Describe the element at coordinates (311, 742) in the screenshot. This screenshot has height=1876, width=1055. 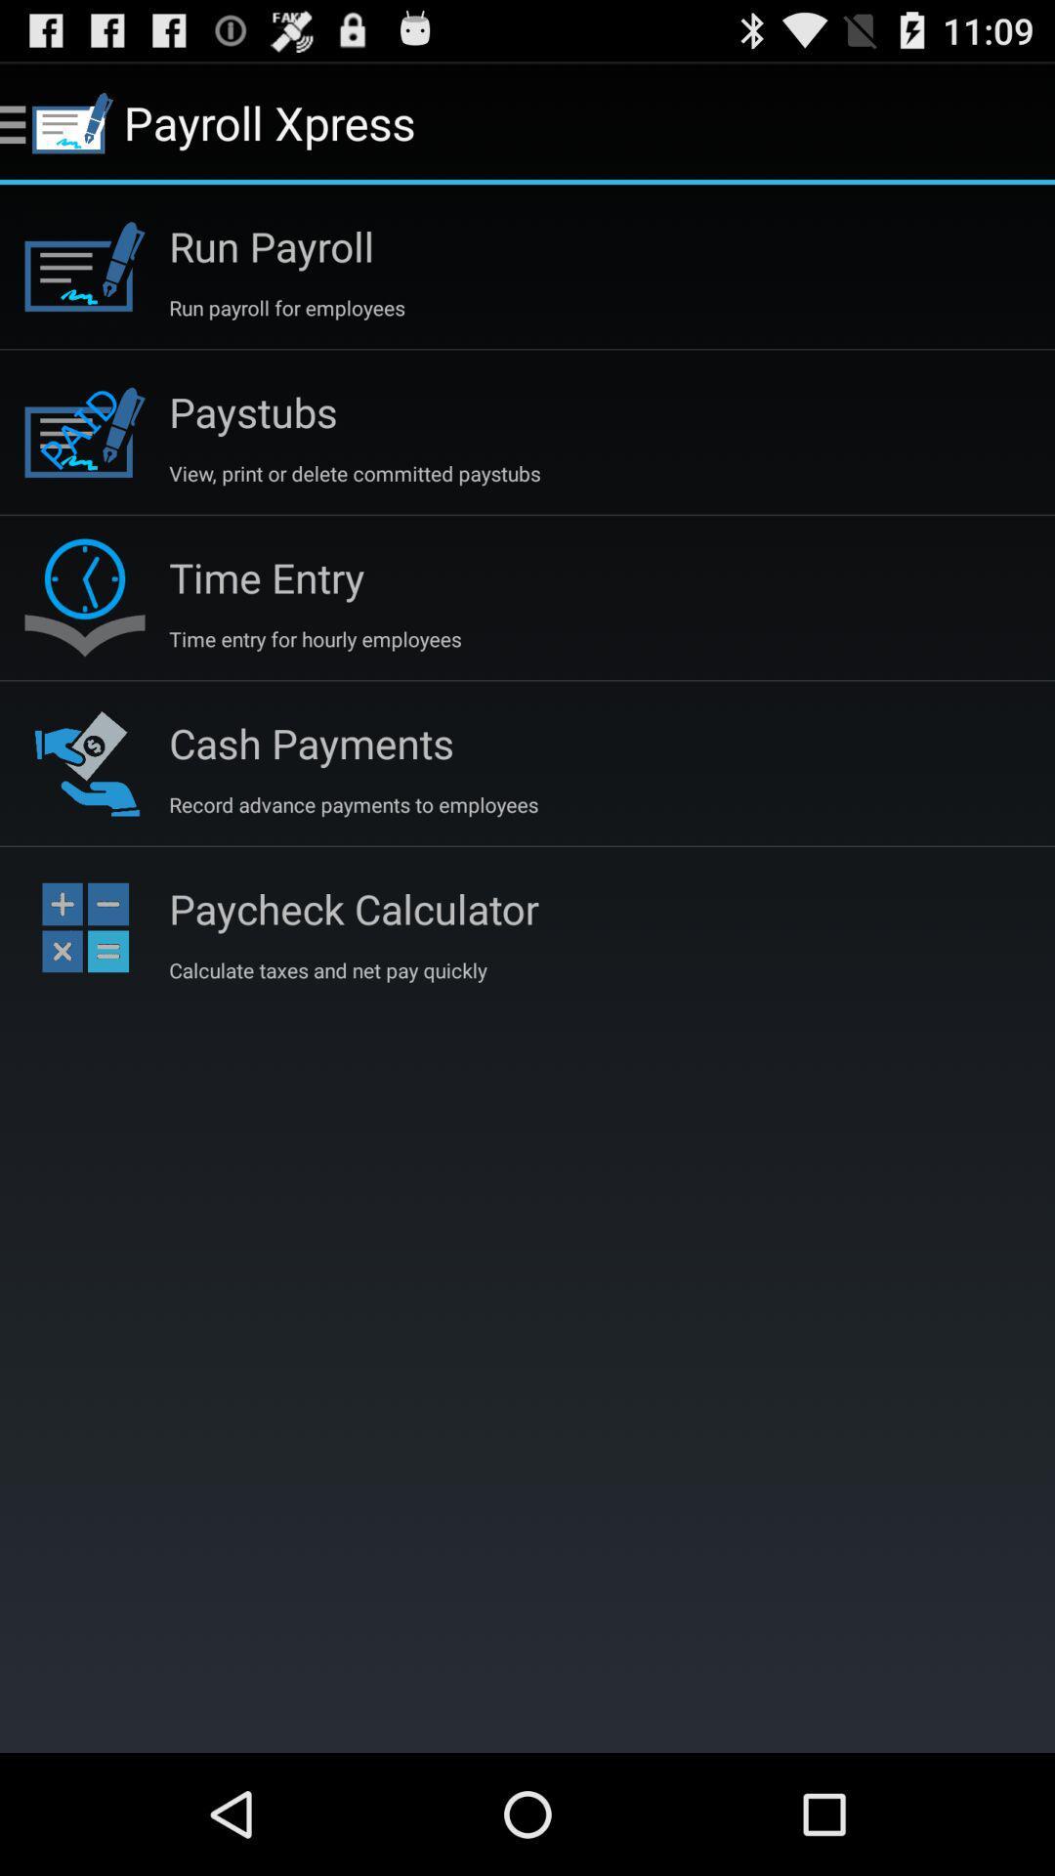
I see `the icon below the time entry for` at that location.